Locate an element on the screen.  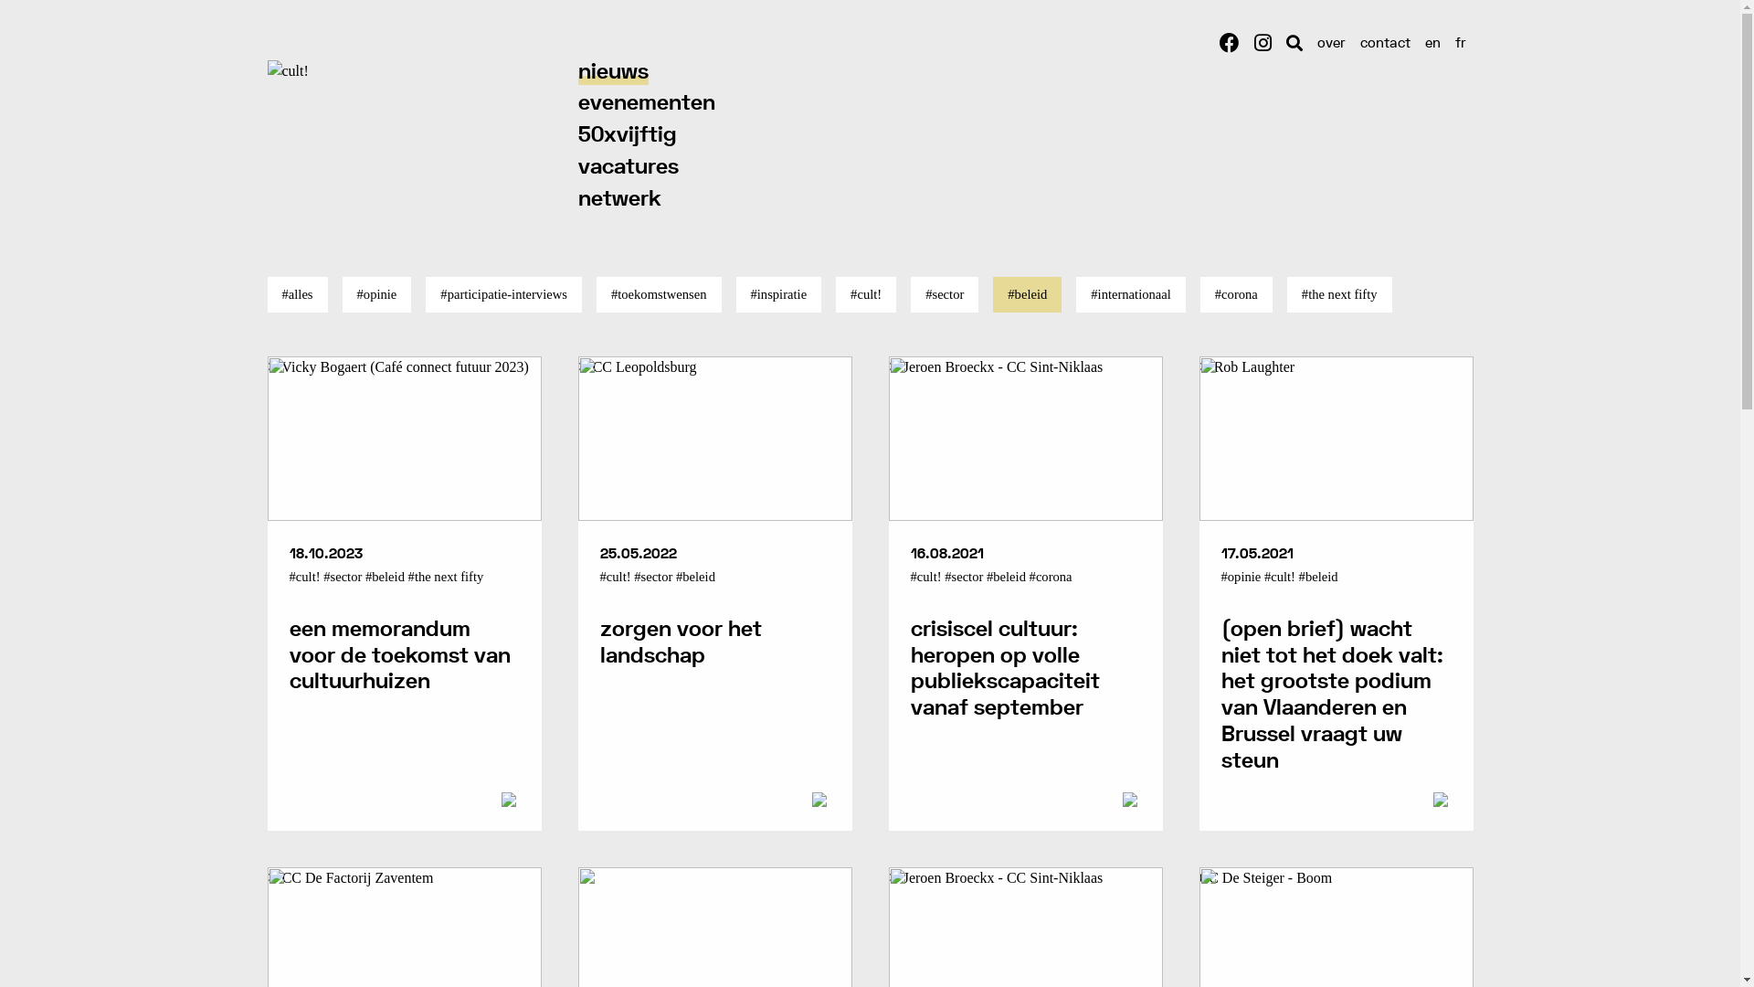
'en' is located at coordinates (1416, 43).